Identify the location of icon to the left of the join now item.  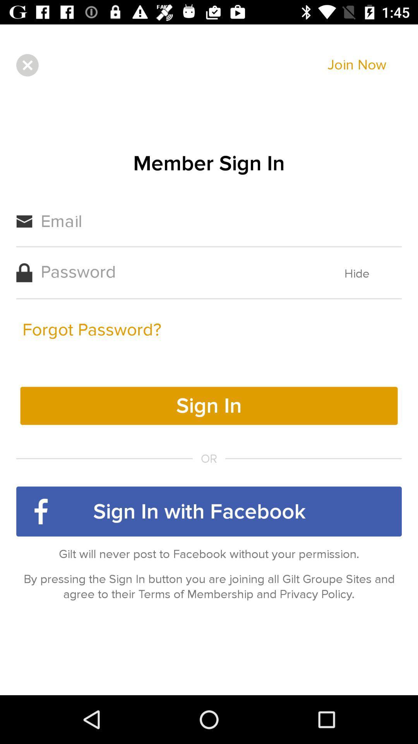
(27, 65).